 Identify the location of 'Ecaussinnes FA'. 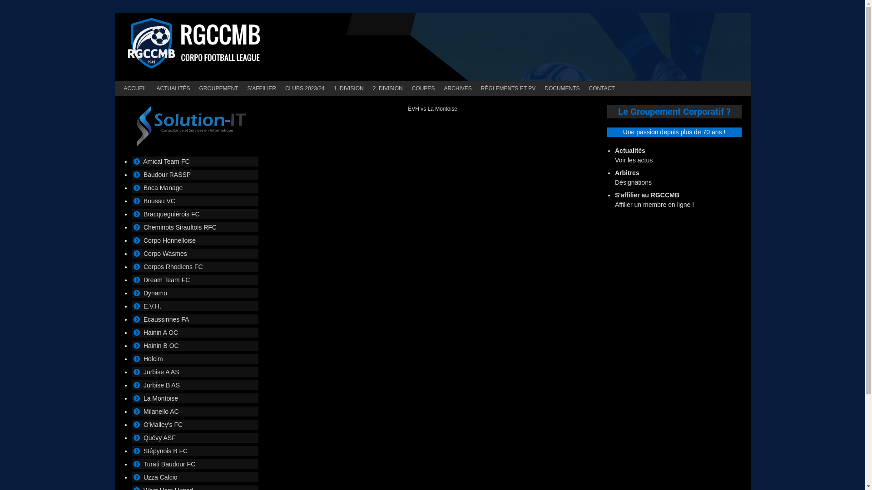
(166, 319).